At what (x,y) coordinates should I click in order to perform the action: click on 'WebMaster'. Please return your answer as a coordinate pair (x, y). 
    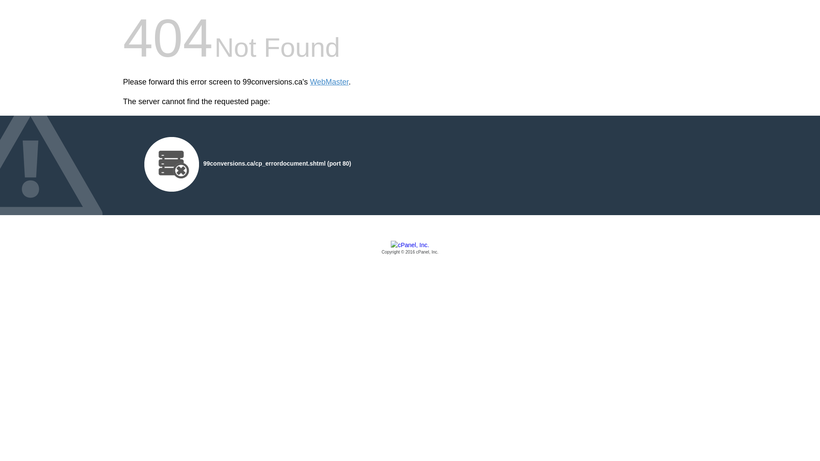
    Looking at the image, I should click on (309, 82).